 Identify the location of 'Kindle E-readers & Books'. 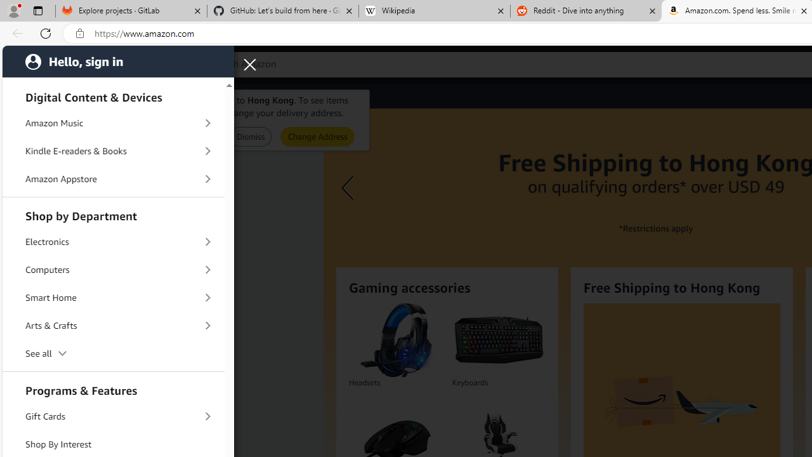
(114, 150).